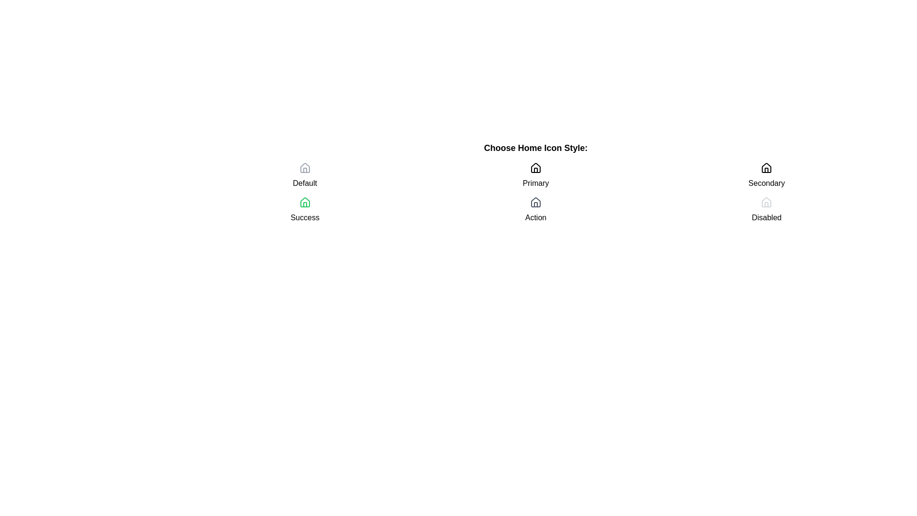 This screenshot has height=516, width=917. I want to click on the vertical rectangular component of the 'house' icon, which is visually stylized with a green accent and is located in the second column and second row of the grid labeled 'Success', so click(304, 204).